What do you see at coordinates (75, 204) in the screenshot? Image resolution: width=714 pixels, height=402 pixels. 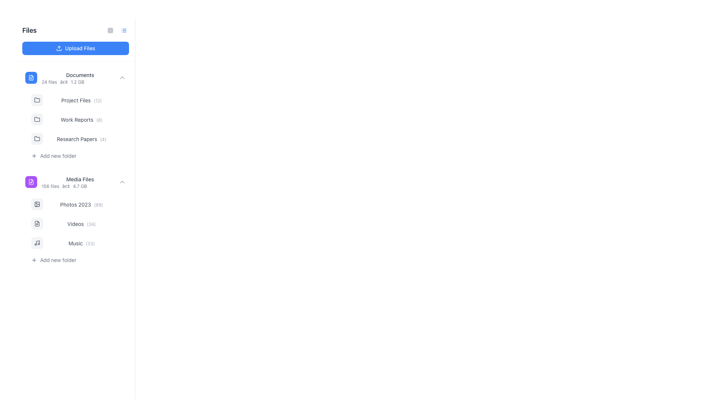 I see `the text label reading 'Photos 2023'` at bounding box center [75, 204].